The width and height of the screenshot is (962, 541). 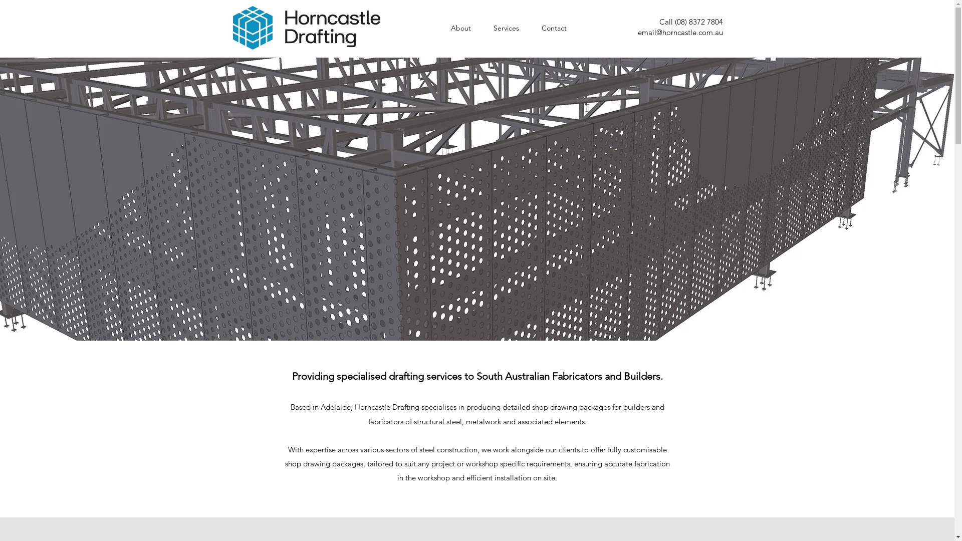 What do you see at coordinates (680, 32) in the screenshot?
I see `'email@horncastle.com.au'` at bounding box center [680, 32].